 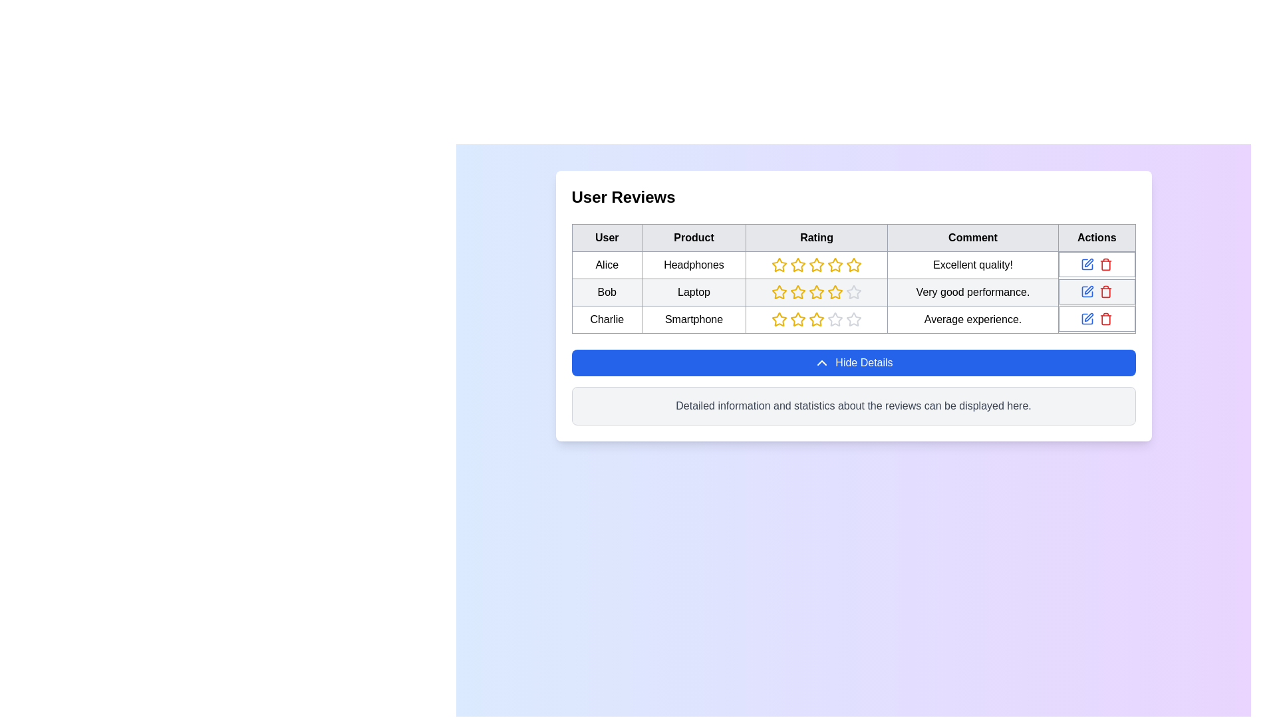 What do you see at coordinates (853, 278) in the screenshot?
I see `the table displaying user reviews, which features labeled headers such as 'User', 'Product', 'Rating', 'Comment', and 'Actions'` at bounding box center [853, 278].